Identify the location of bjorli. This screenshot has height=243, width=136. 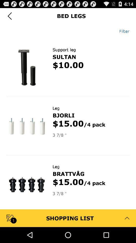
(63, 115).